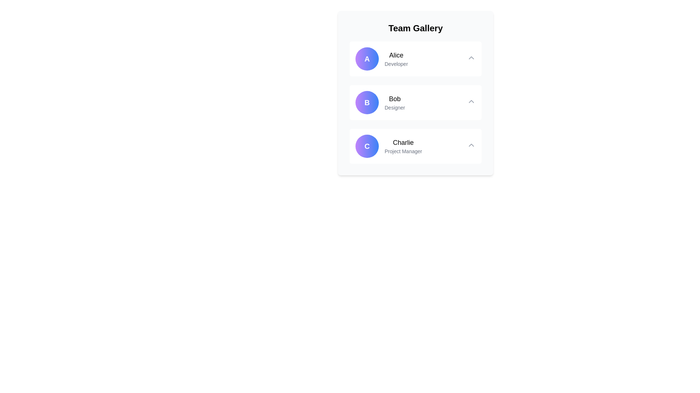 This screenshot has height=393, width=700. Describe the element at coordinates (396, 59) in the screenshot. I see `text displayed in the text label representing a team member's designation and name, located to the right of the circular avatar labeled 'A' in the 'Team Gallery' card` at that location.